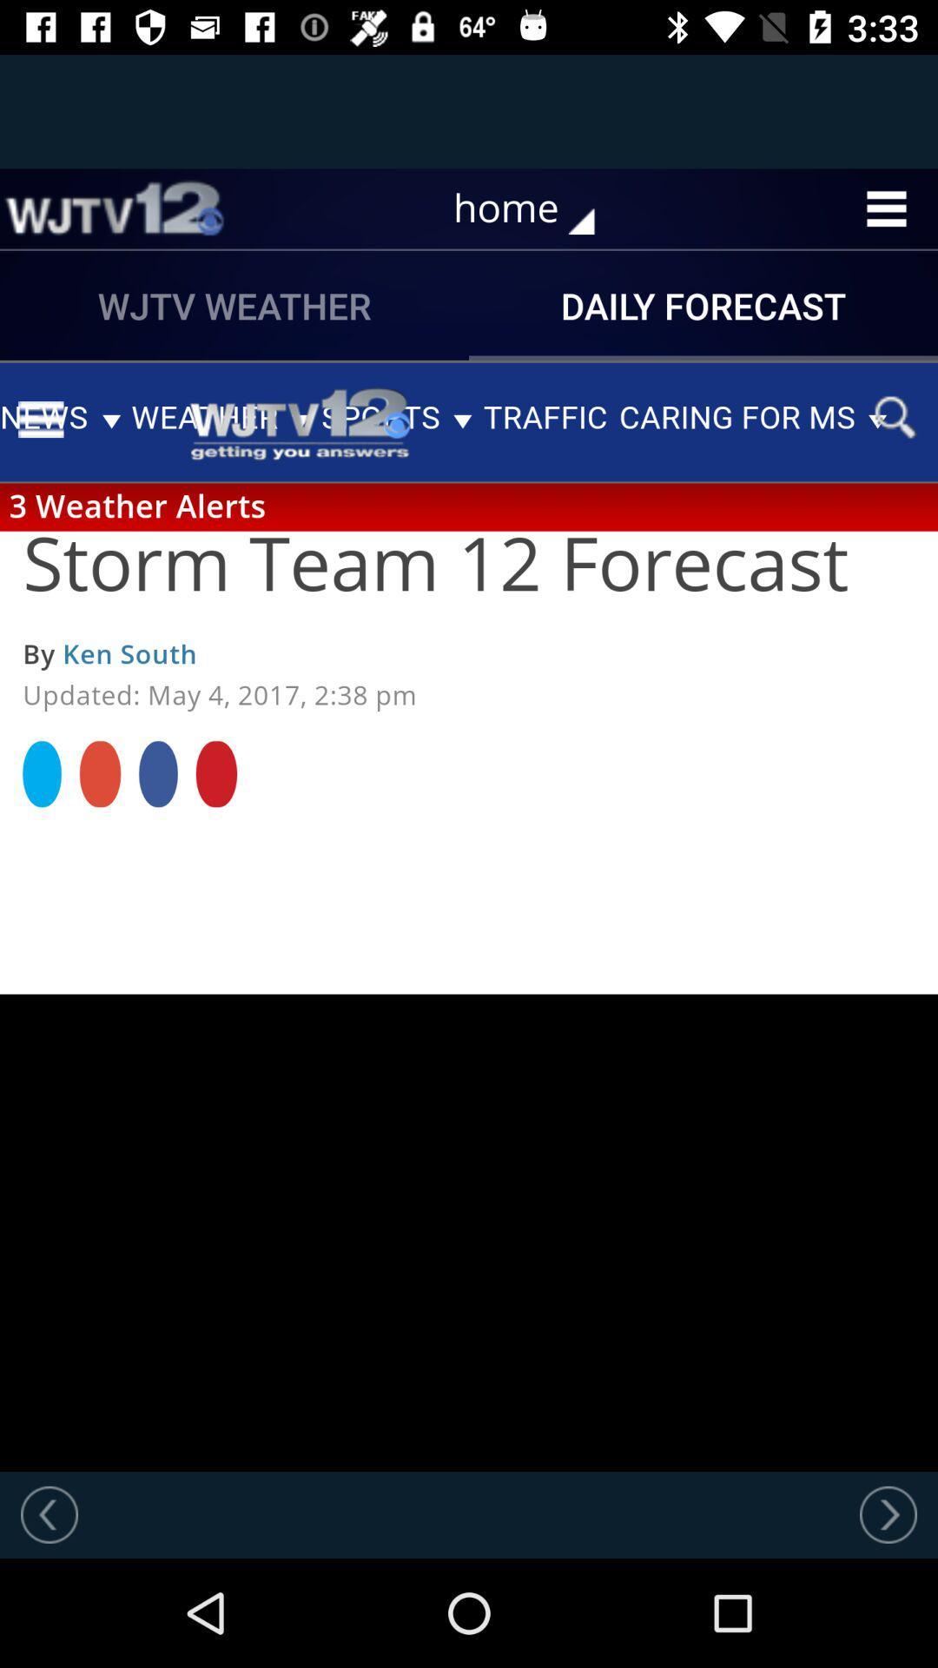 The width and height of the screenshot is (938, 1668). Describe the element at coordinates (114, 208) in the screenshot. I see `station` at that location.